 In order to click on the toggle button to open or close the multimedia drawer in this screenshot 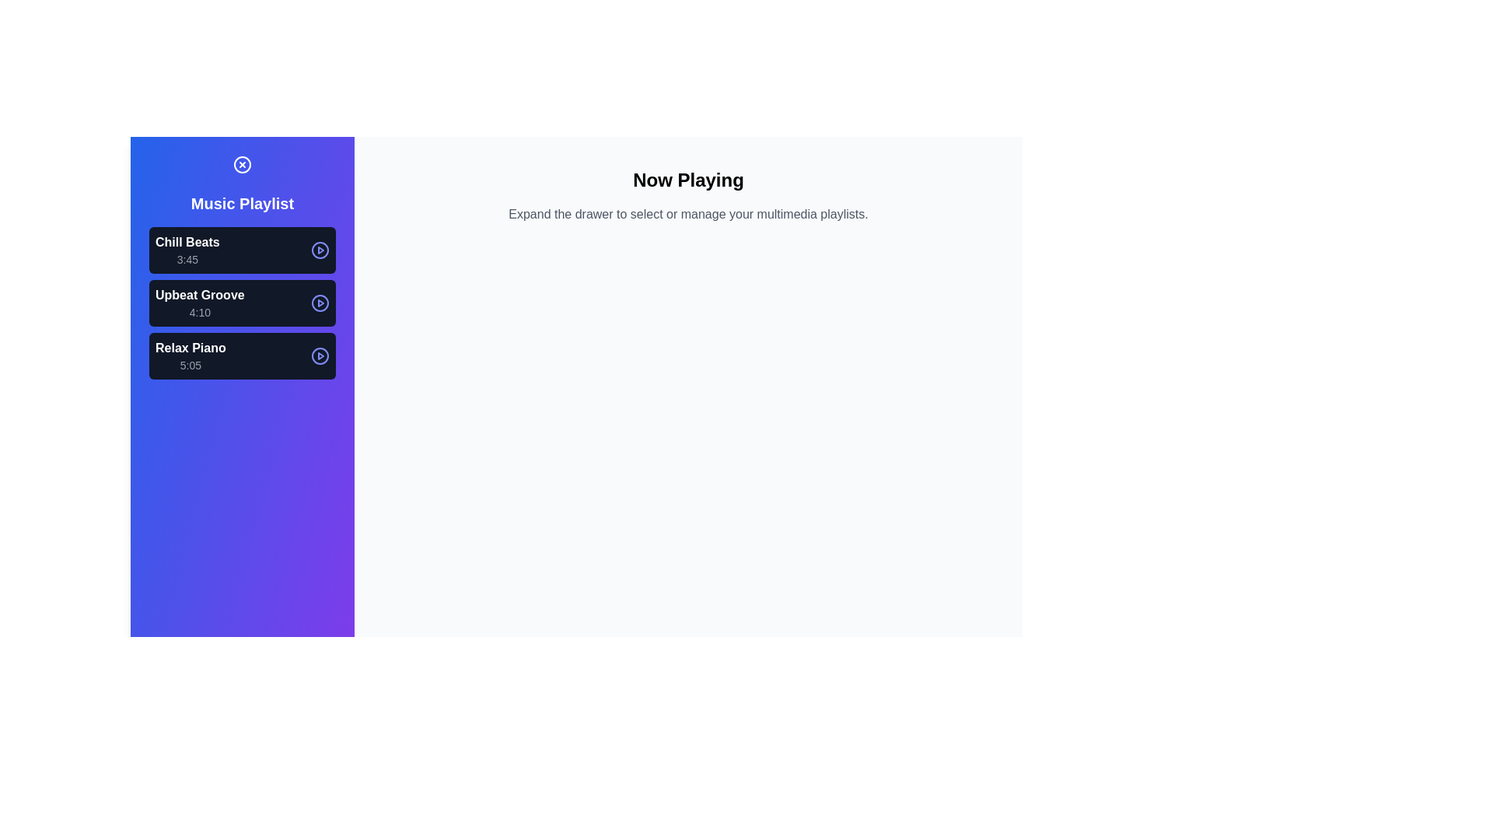, I will do `click(242, 165)`.